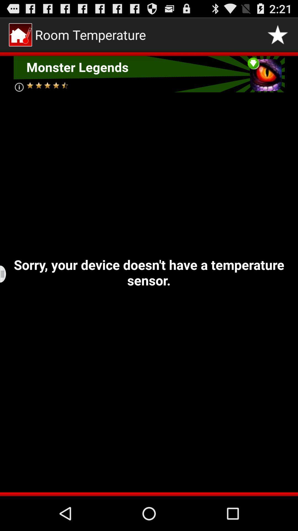 This screenshot has height=531, width=298. Describe the element at coordinates (278, 34) in the screenshot. I see `icon at the top right corner` at that location.